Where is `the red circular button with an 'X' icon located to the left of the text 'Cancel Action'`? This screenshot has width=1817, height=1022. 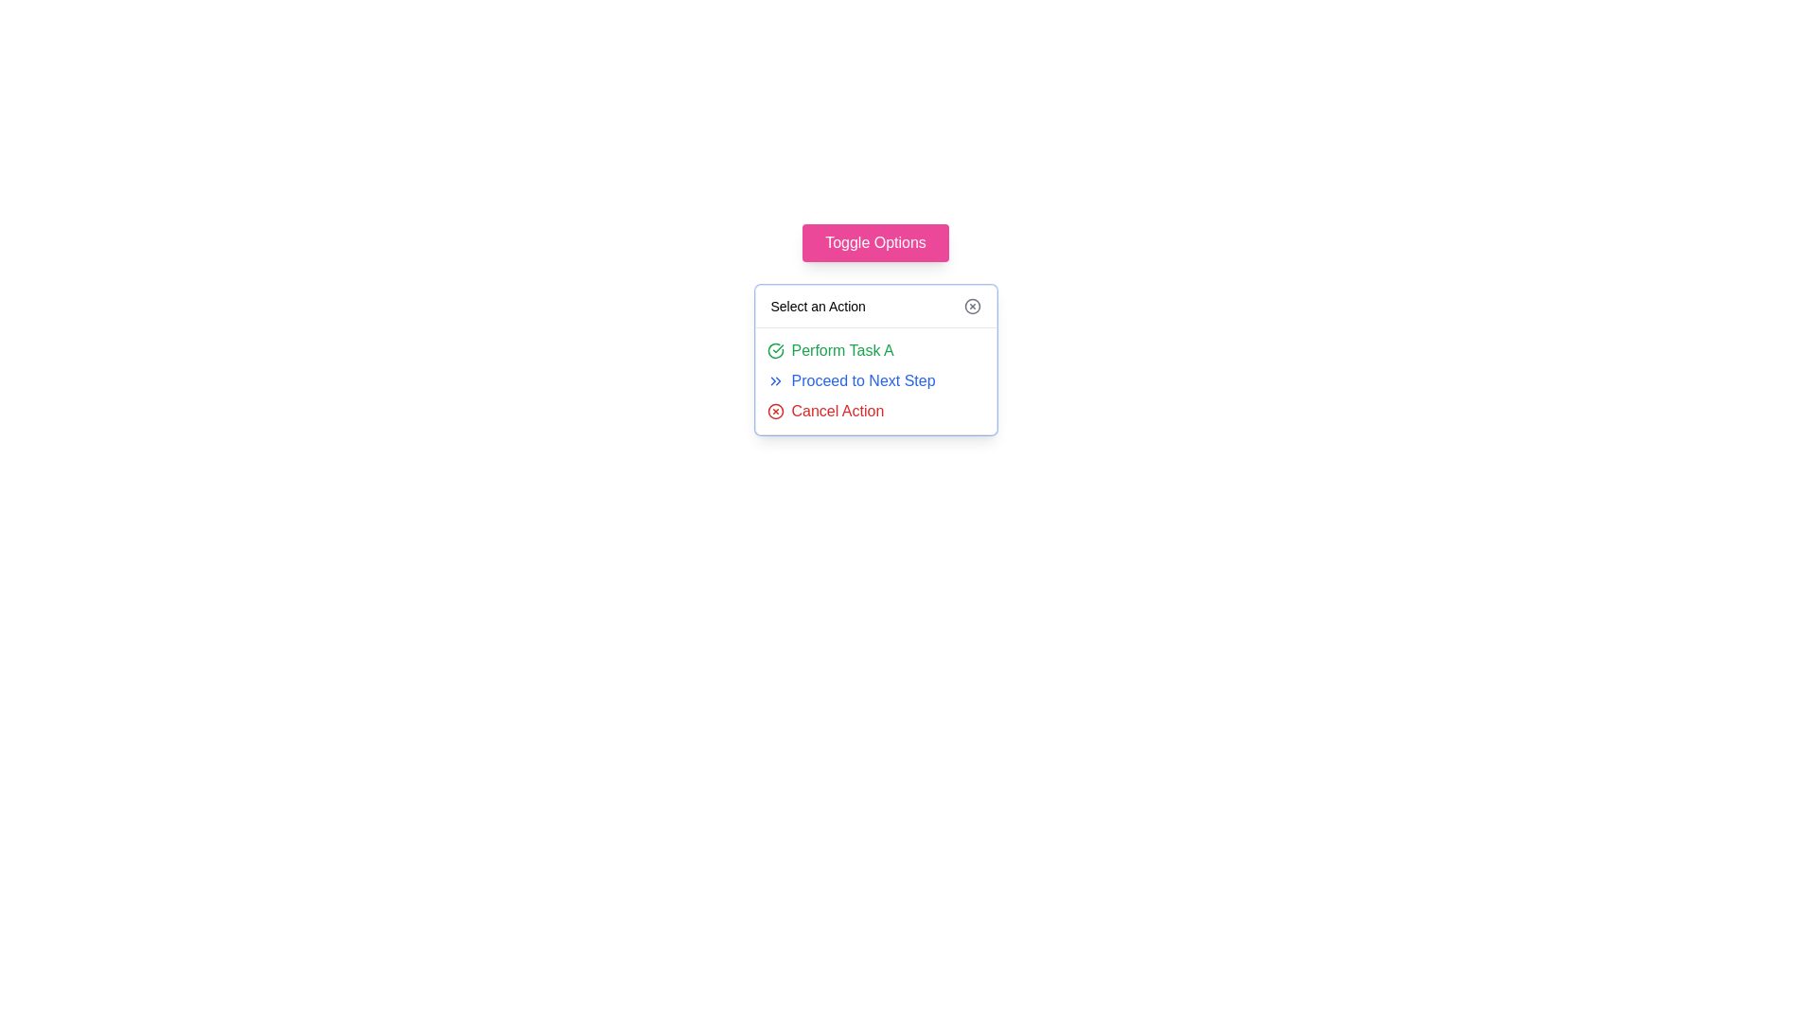
the red circular button with an 'X' icon located to the left of the text 'Cancel Action' is located at coordinates (775, 411).